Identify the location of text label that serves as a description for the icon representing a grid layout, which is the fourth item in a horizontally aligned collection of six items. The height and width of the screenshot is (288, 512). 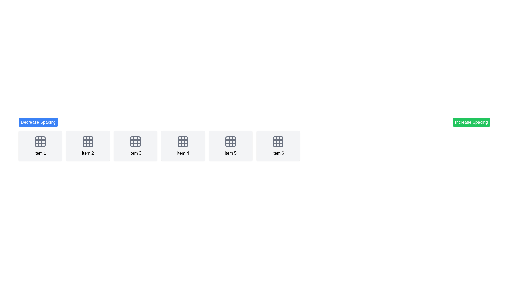
(183, 153).